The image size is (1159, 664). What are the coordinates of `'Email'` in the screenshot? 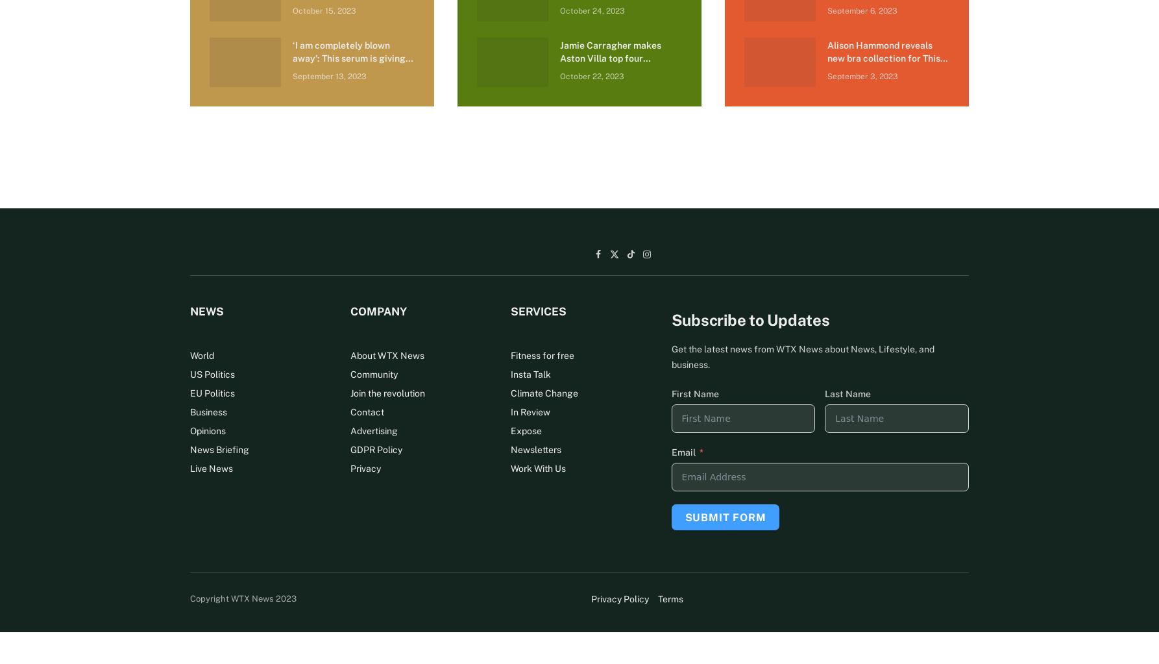 It's located at (670, 451).